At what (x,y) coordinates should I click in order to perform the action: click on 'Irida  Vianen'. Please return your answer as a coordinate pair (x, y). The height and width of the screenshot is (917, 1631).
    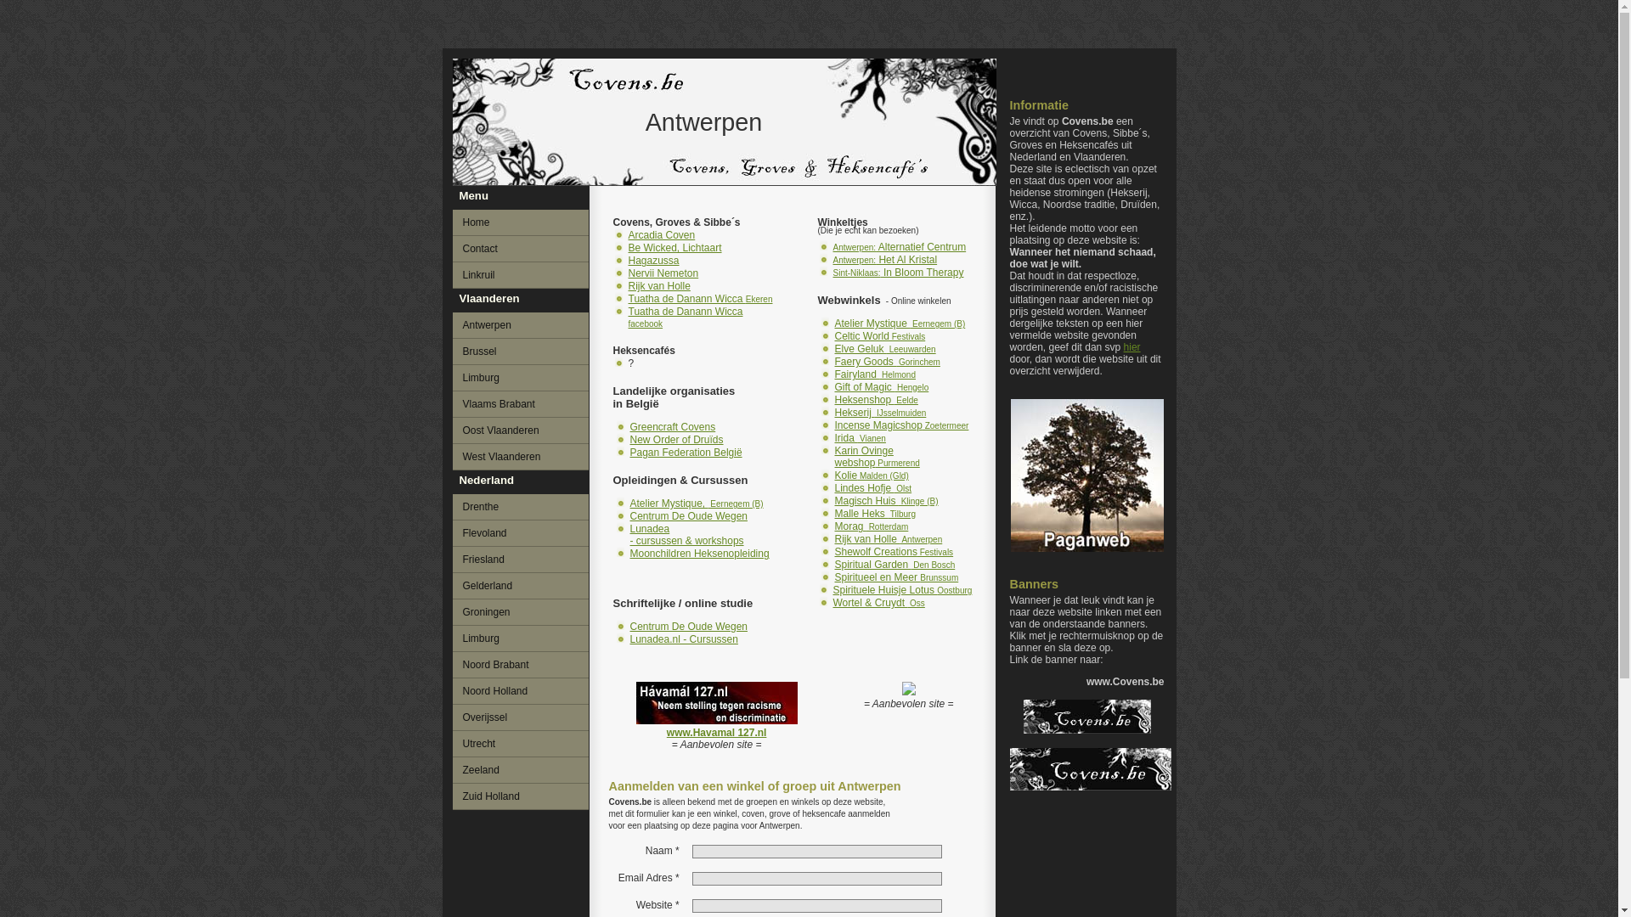
    Looking at the image, I should click on (834, 437).